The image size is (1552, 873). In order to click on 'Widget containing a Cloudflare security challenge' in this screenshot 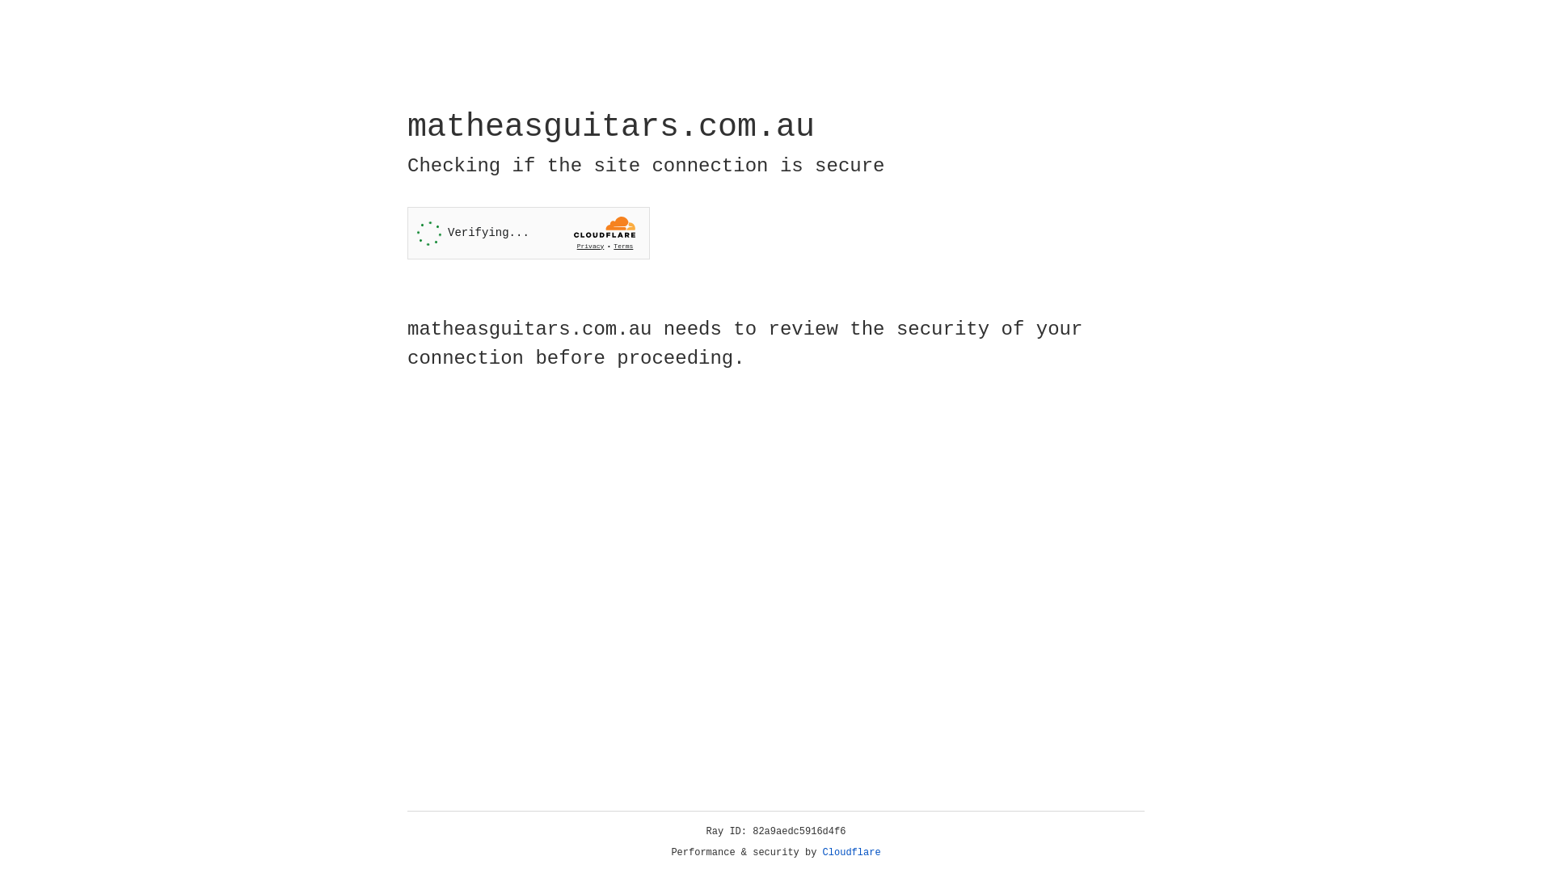, I will do `click(528, 233)`.